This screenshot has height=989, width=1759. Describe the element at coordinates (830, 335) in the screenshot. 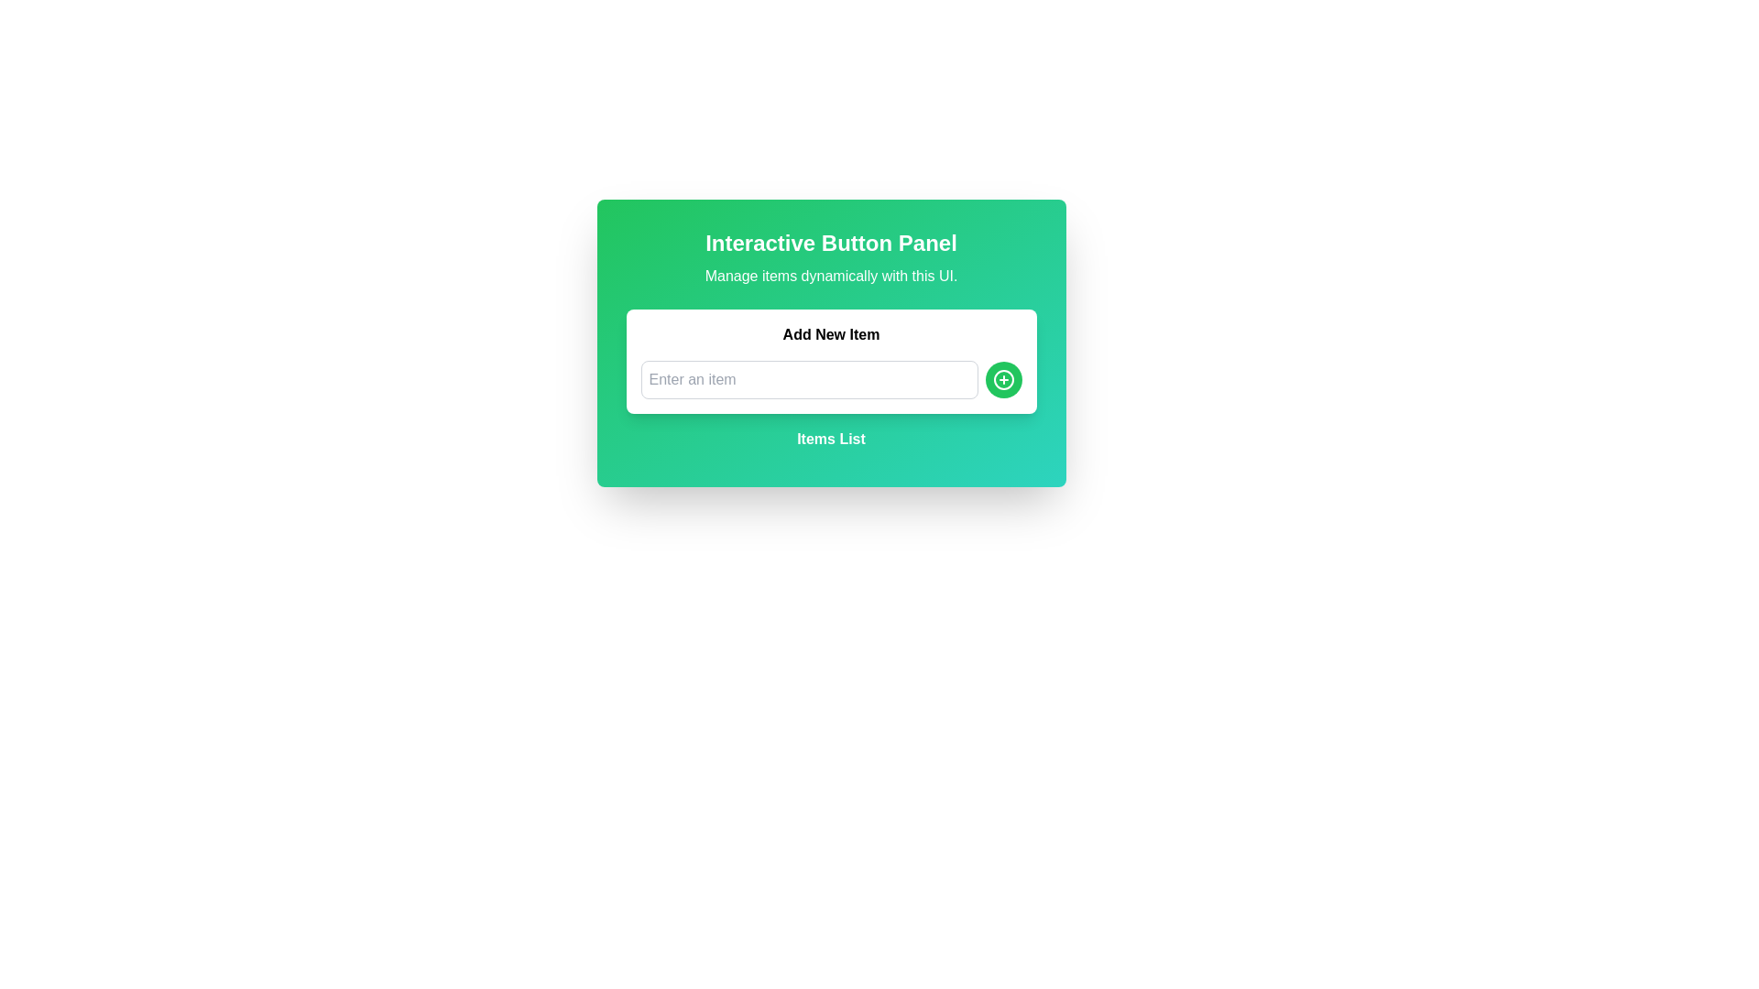

I see `the bold text label 'Add New Item' that is centered at the top of a white rounded rectangular card on a green gradient background` at that location.